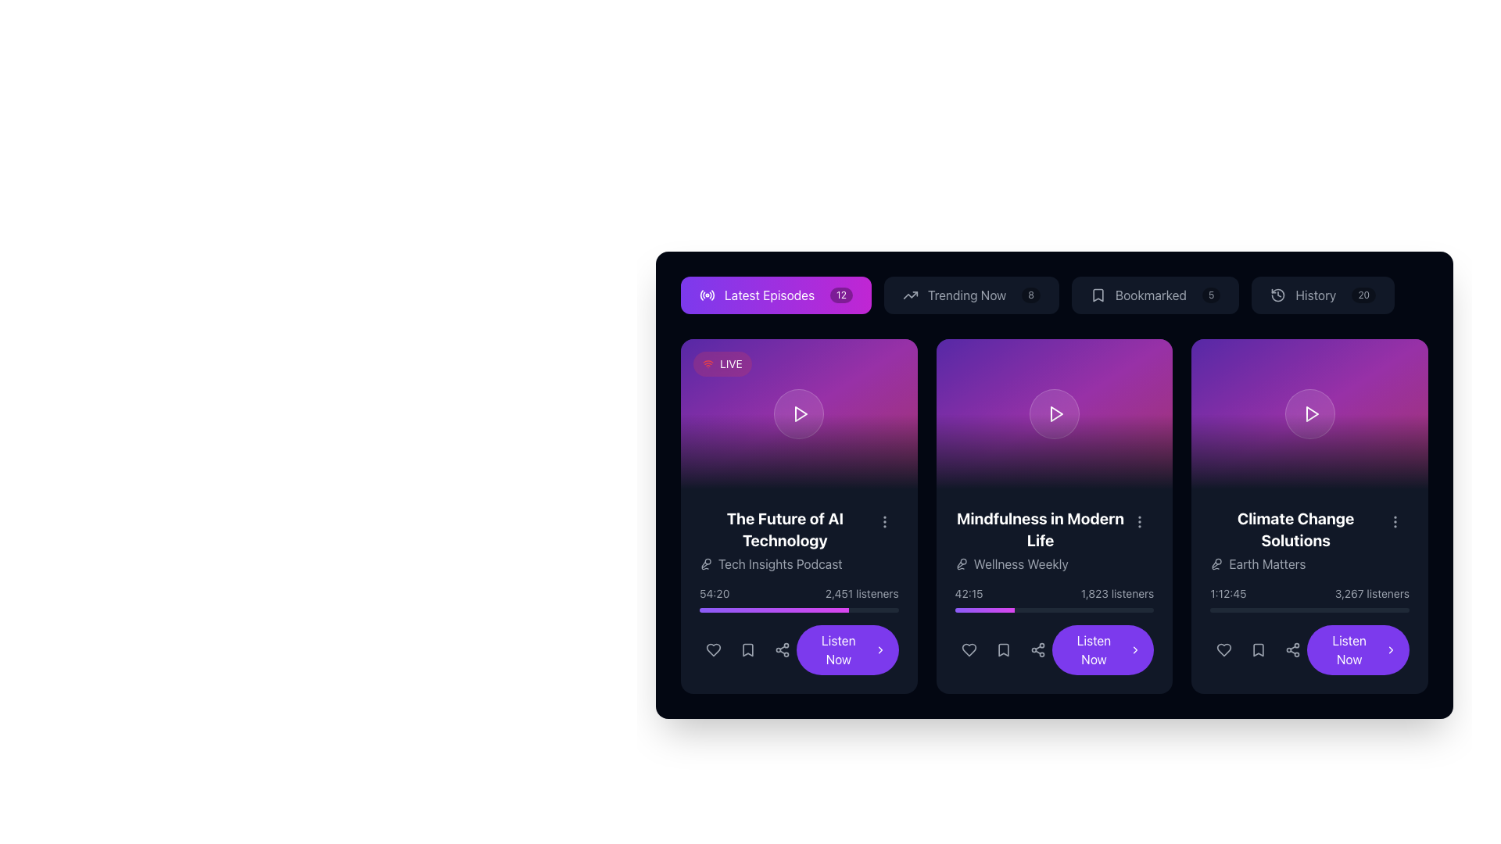 This screenshot has width=1501, height=844. Describe the element at coordinates (1057, 413) in the screenshot. I see `on the triangular play icon within the button, which is centered above the title 'Mindfulness in Modern Life' in the second card of a three-card layout` at that location.